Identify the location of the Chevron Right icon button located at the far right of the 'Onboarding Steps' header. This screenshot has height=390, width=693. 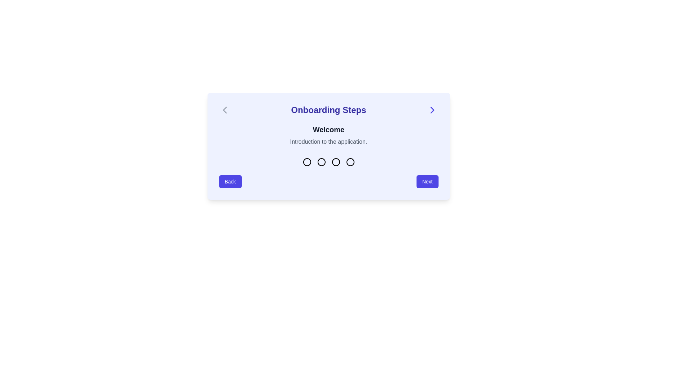
(432, 110).